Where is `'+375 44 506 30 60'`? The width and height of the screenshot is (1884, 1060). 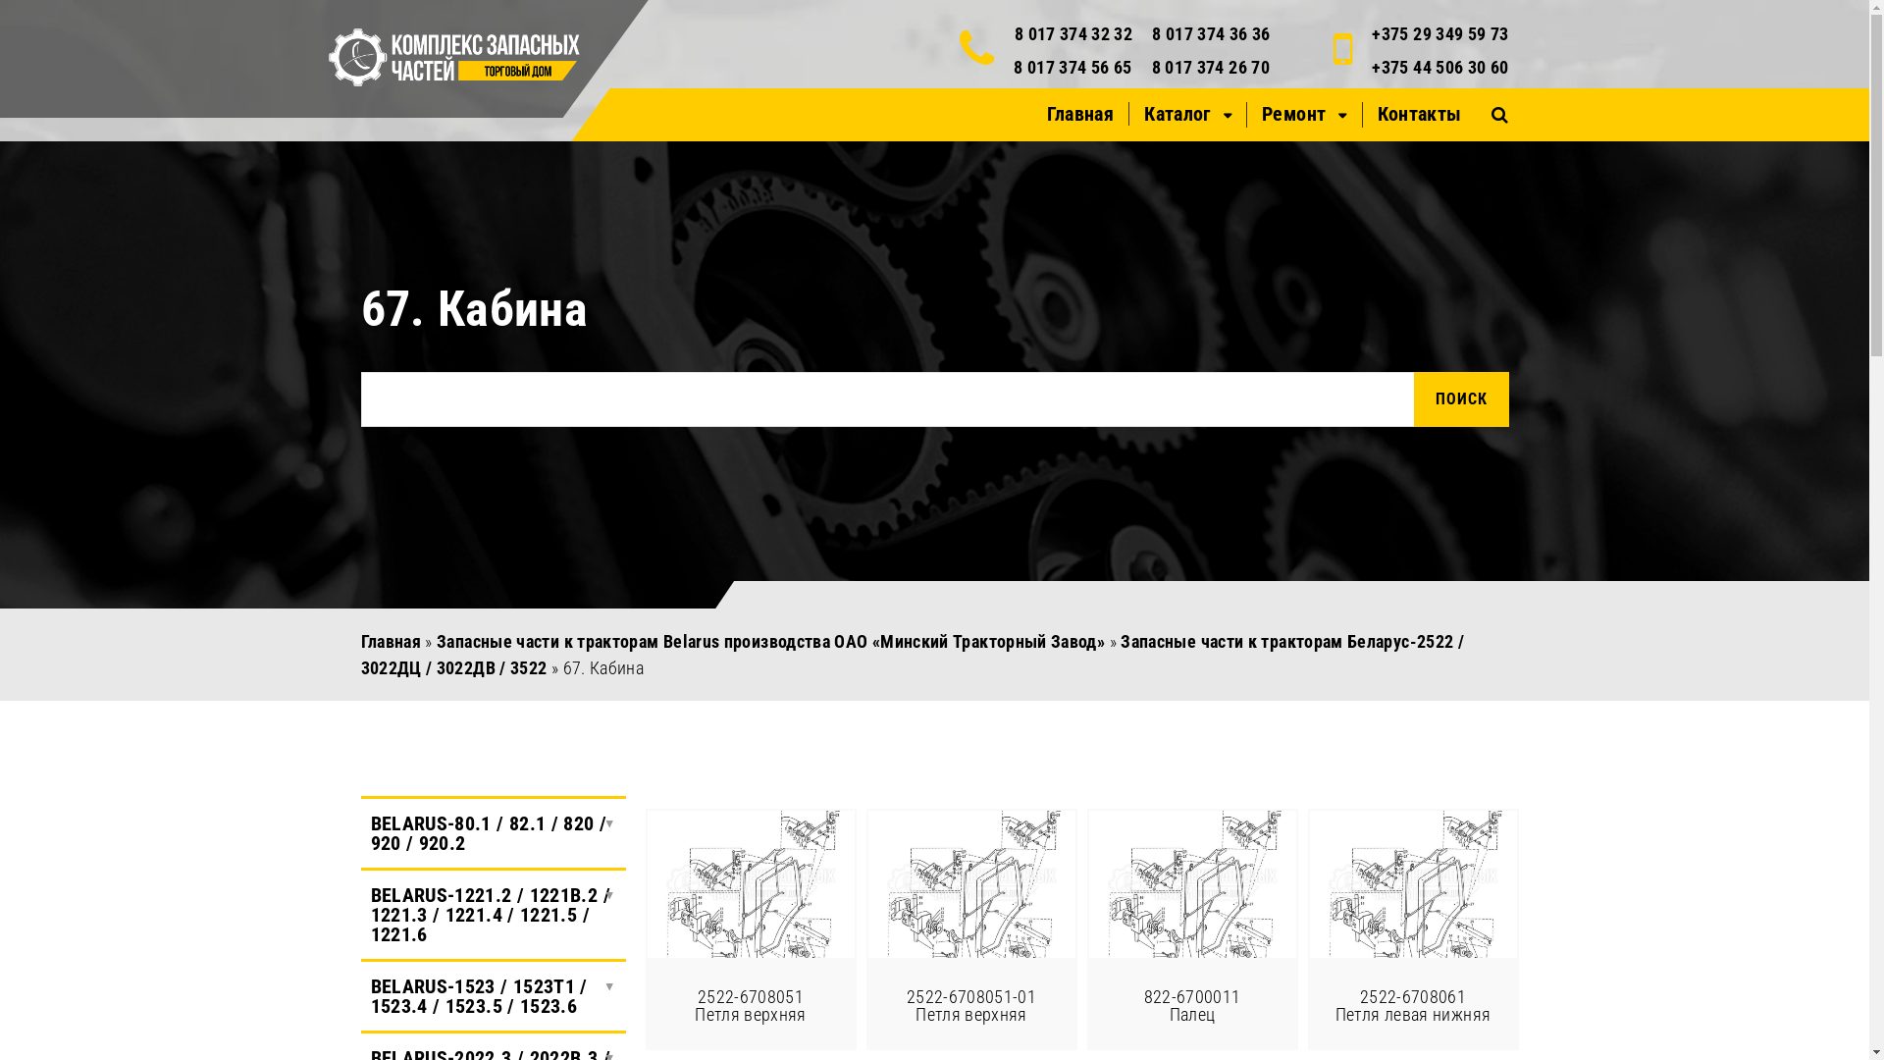 '+375 44 506 30 60' is located at coordinates (1439, 66).